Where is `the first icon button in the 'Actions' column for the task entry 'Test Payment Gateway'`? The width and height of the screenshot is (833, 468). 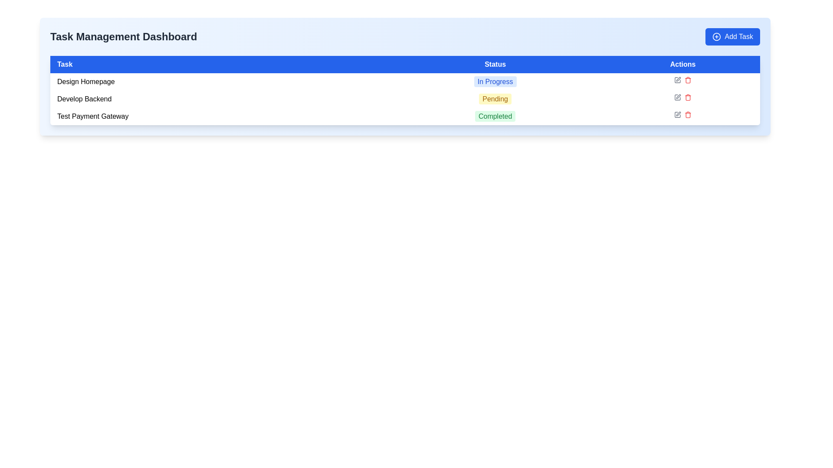
the first icon button in the 'Actions' column for the task entry 'Test Payment Gateway' is located at coordinates (677, 114).